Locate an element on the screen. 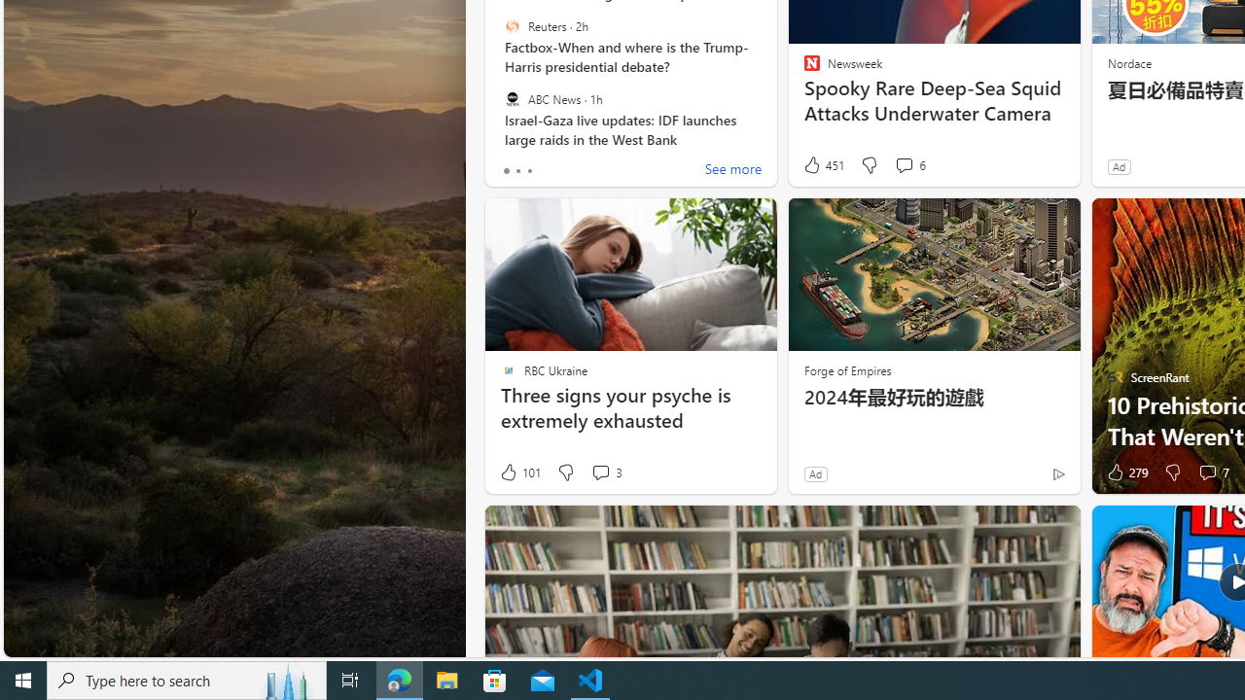 The height and width of the screenshot is (700, 1245). '101 Like' is located at coordinates (519, 472).